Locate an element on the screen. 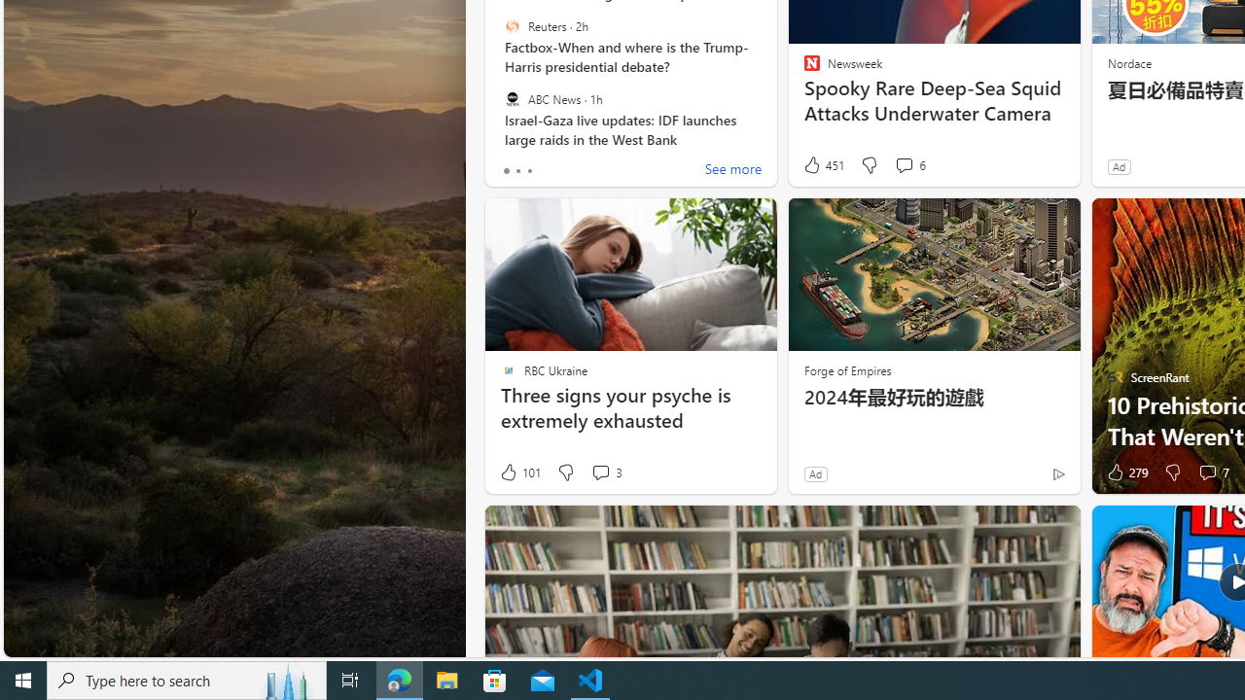 The height and width of the screenshot is (700, 1245). '101 Like' is located at coordinates (519, 472).